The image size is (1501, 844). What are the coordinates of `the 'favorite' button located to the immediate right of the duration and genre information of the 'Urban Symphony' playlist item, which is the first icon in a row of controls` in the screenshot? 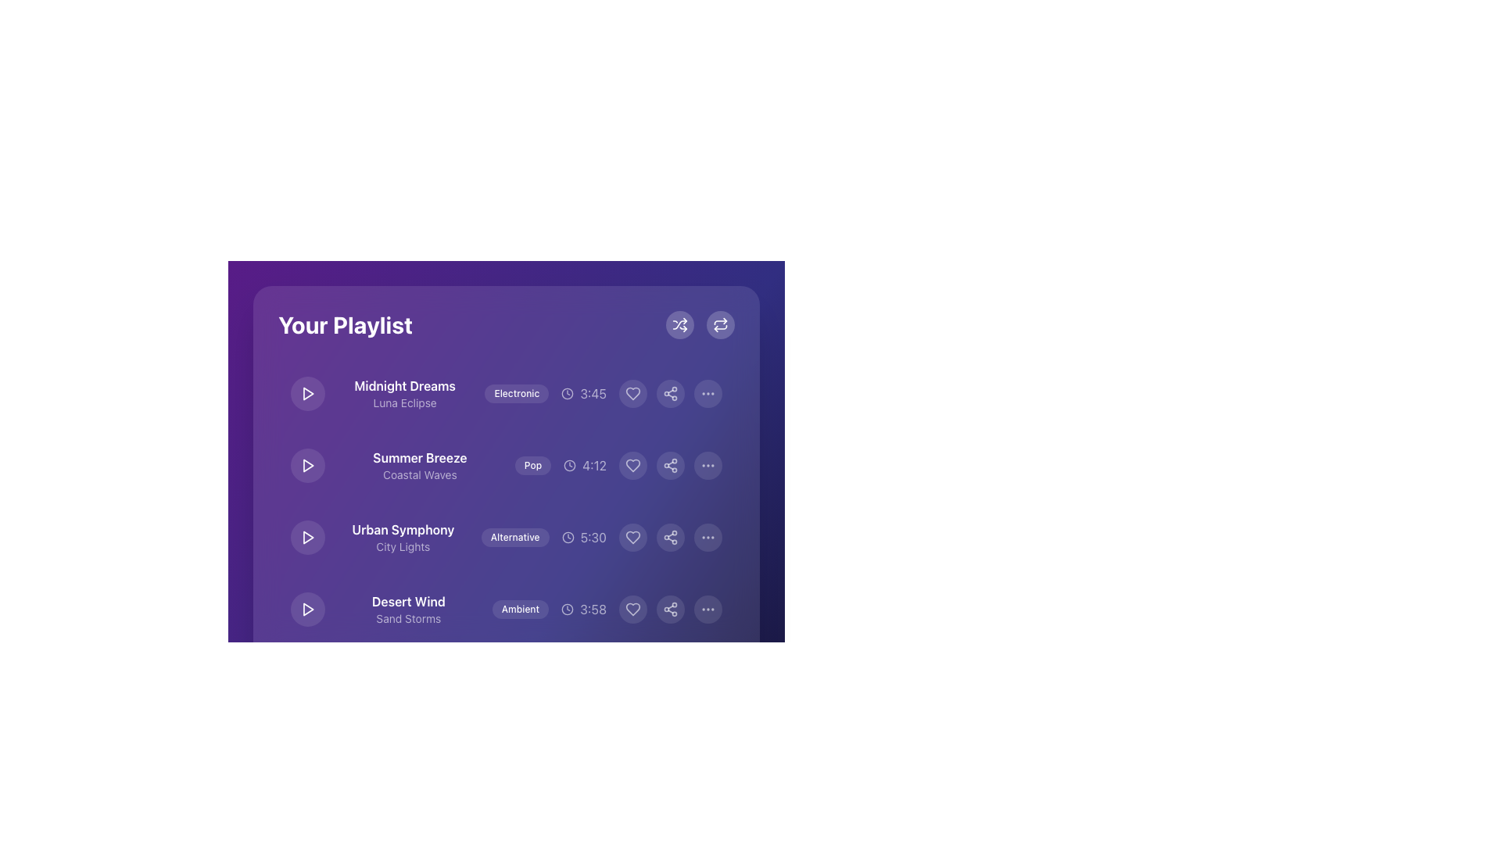 It's located at (633, 536).